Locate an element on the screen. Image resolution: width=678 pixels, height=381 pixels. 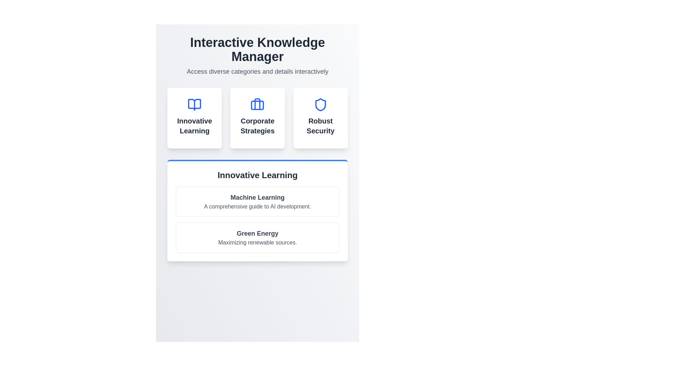
the text label that describes security-related features, located in the third column of the top-right card, just below the shield icon is located at coordinates (320, 126).